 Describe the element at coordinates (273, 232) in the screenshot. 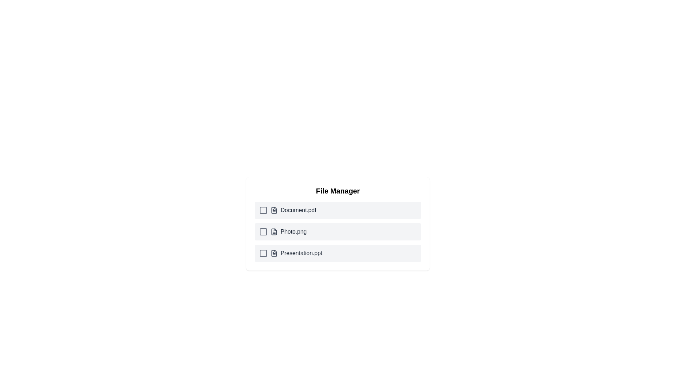

I see `the file icon representing 'Photo.png' located` at that location.